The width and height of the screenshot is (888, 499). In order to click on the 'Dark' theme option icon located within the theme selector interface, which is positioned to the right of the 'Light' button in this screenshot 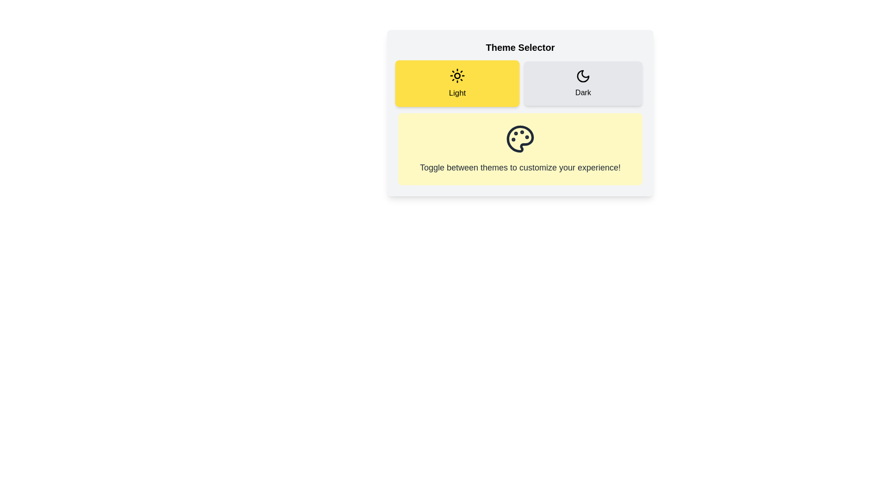, I will do `click(583, 76)`.